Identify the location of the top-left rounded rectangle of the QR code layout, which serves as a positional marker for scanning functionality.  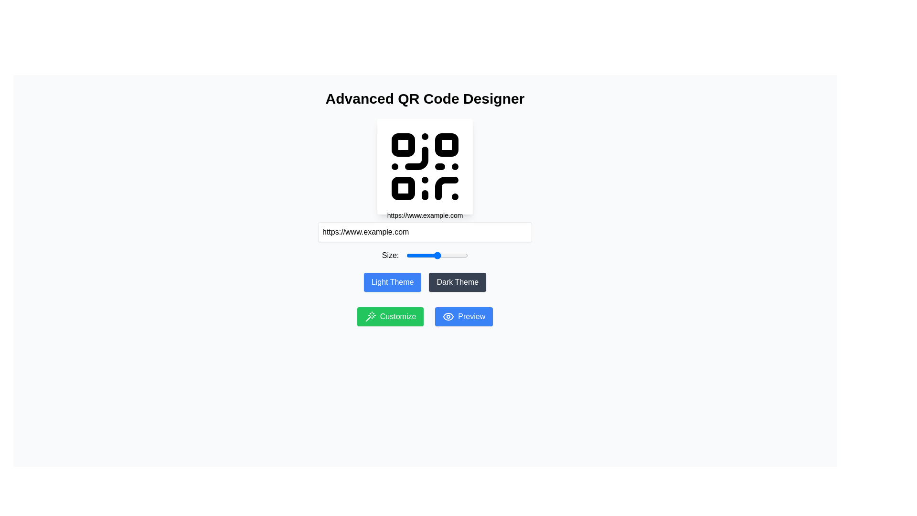
(403, 145).